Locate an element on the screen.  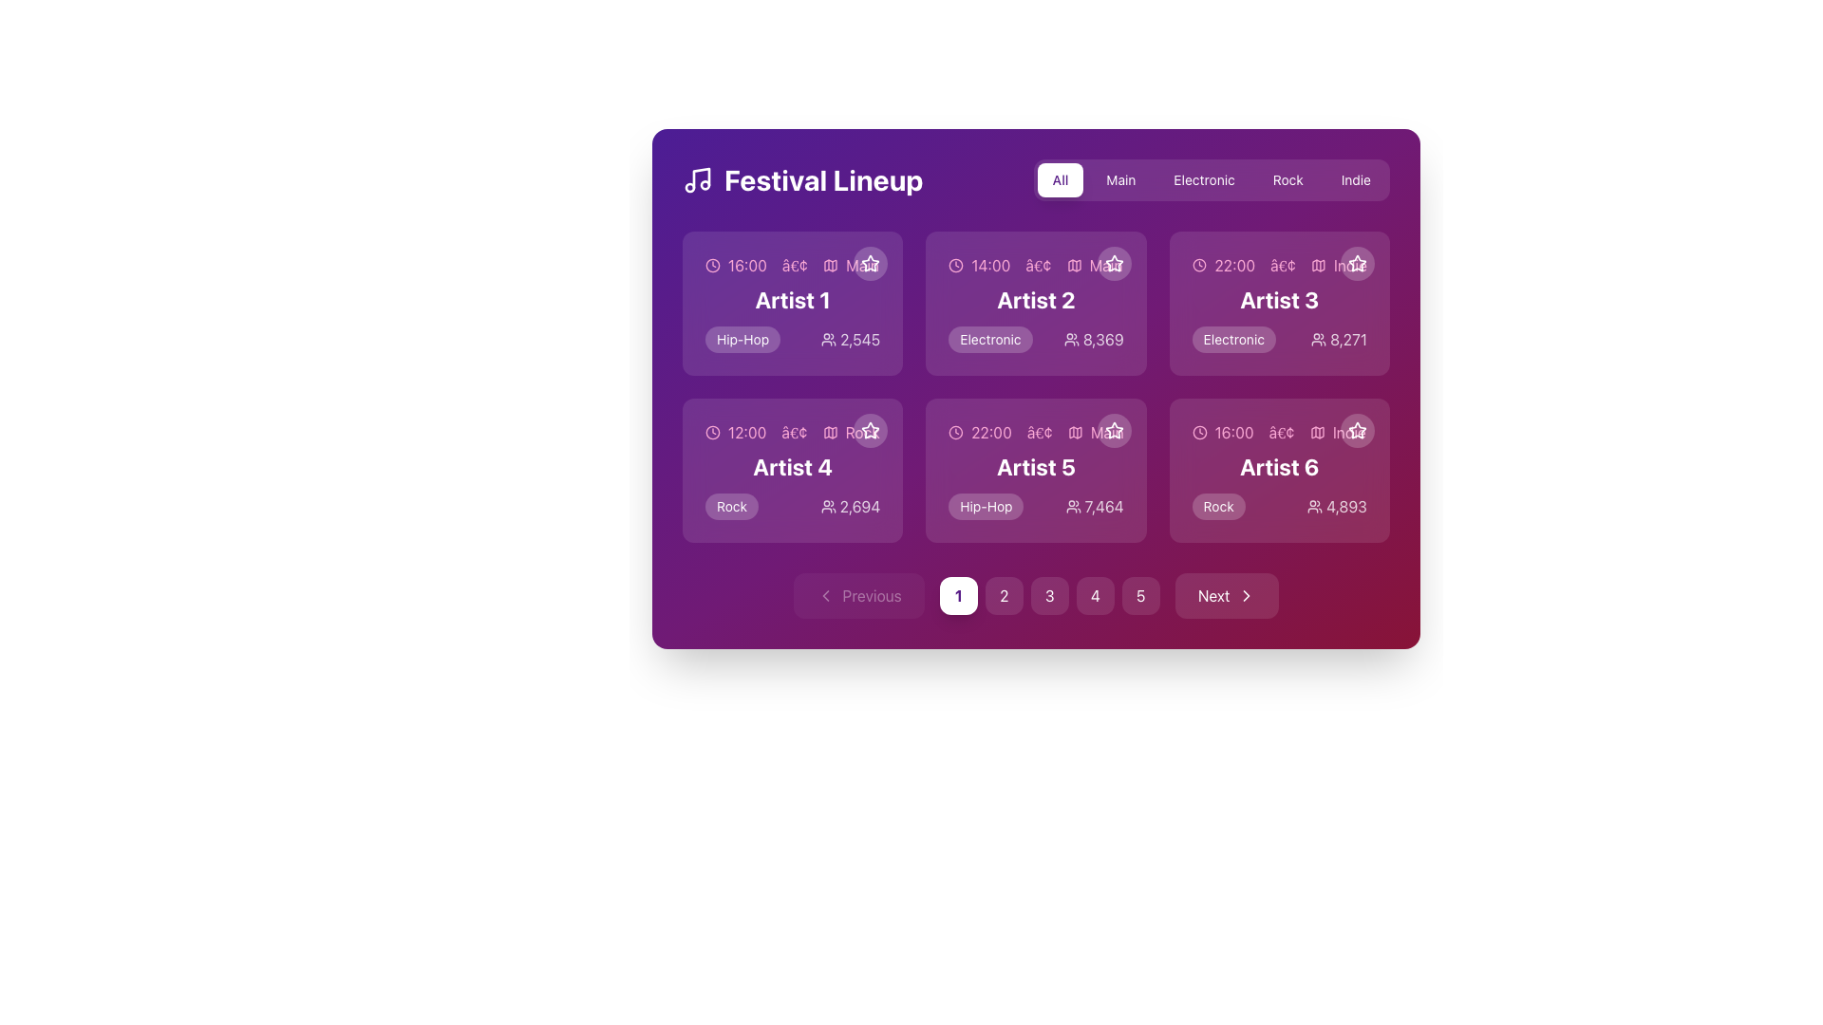
the small circular button with a star-shaped icon located in the top-right corner of the card for 'Artist 3' is located at coordinates (1357, 263).